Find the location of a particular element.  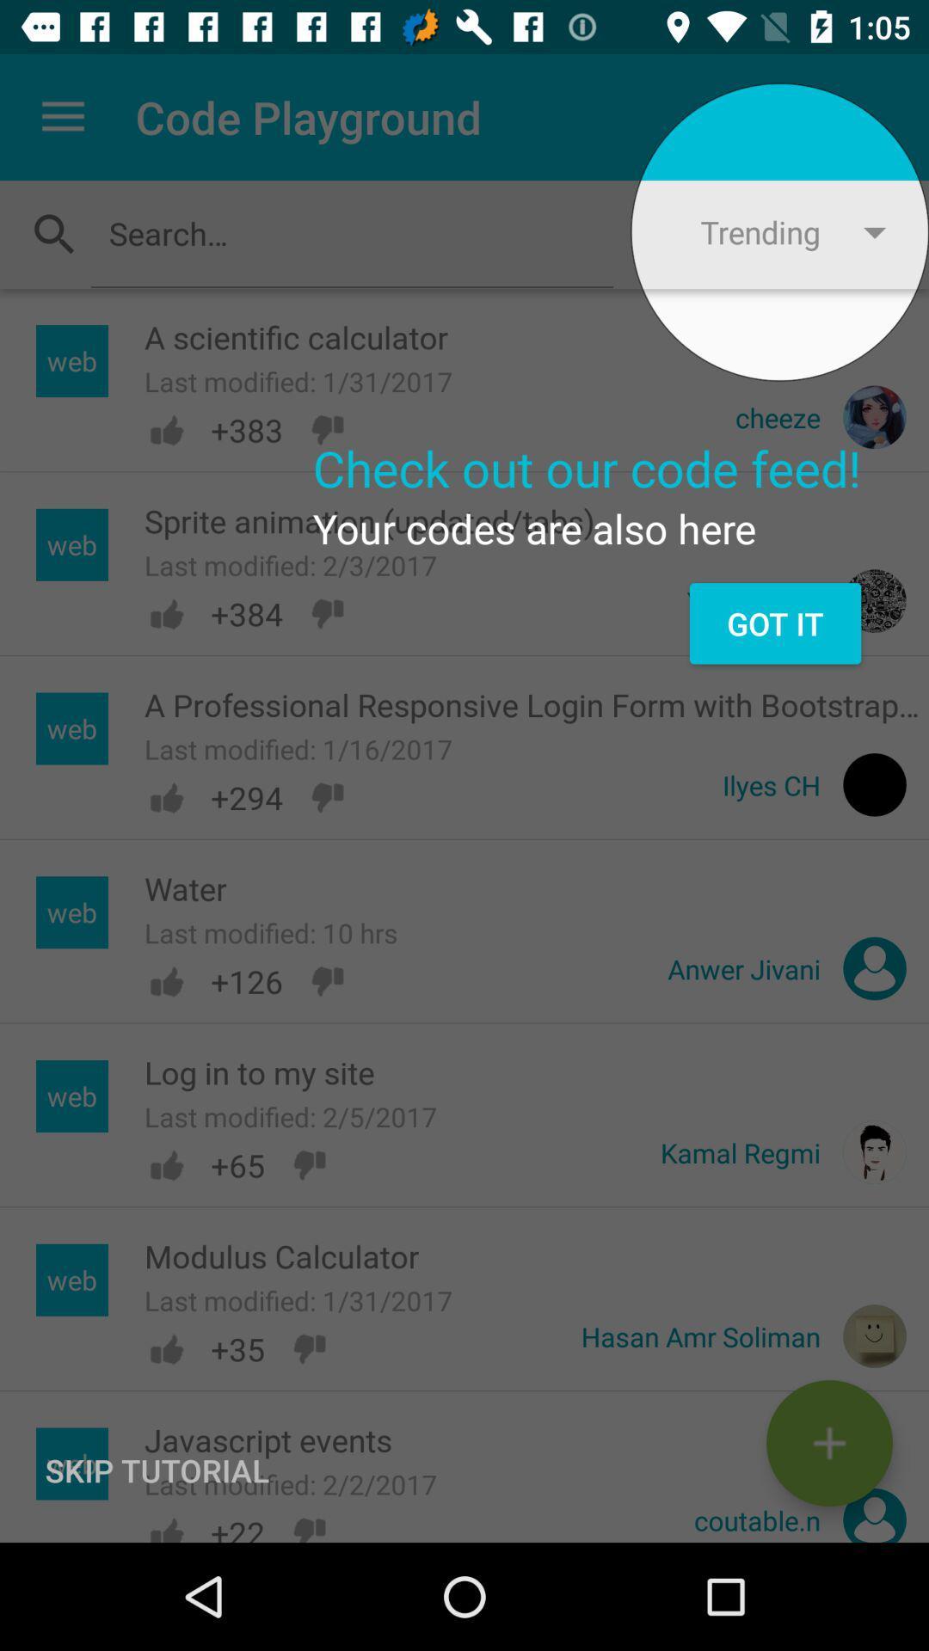

the add icon is located at coordinates (828, 1443).